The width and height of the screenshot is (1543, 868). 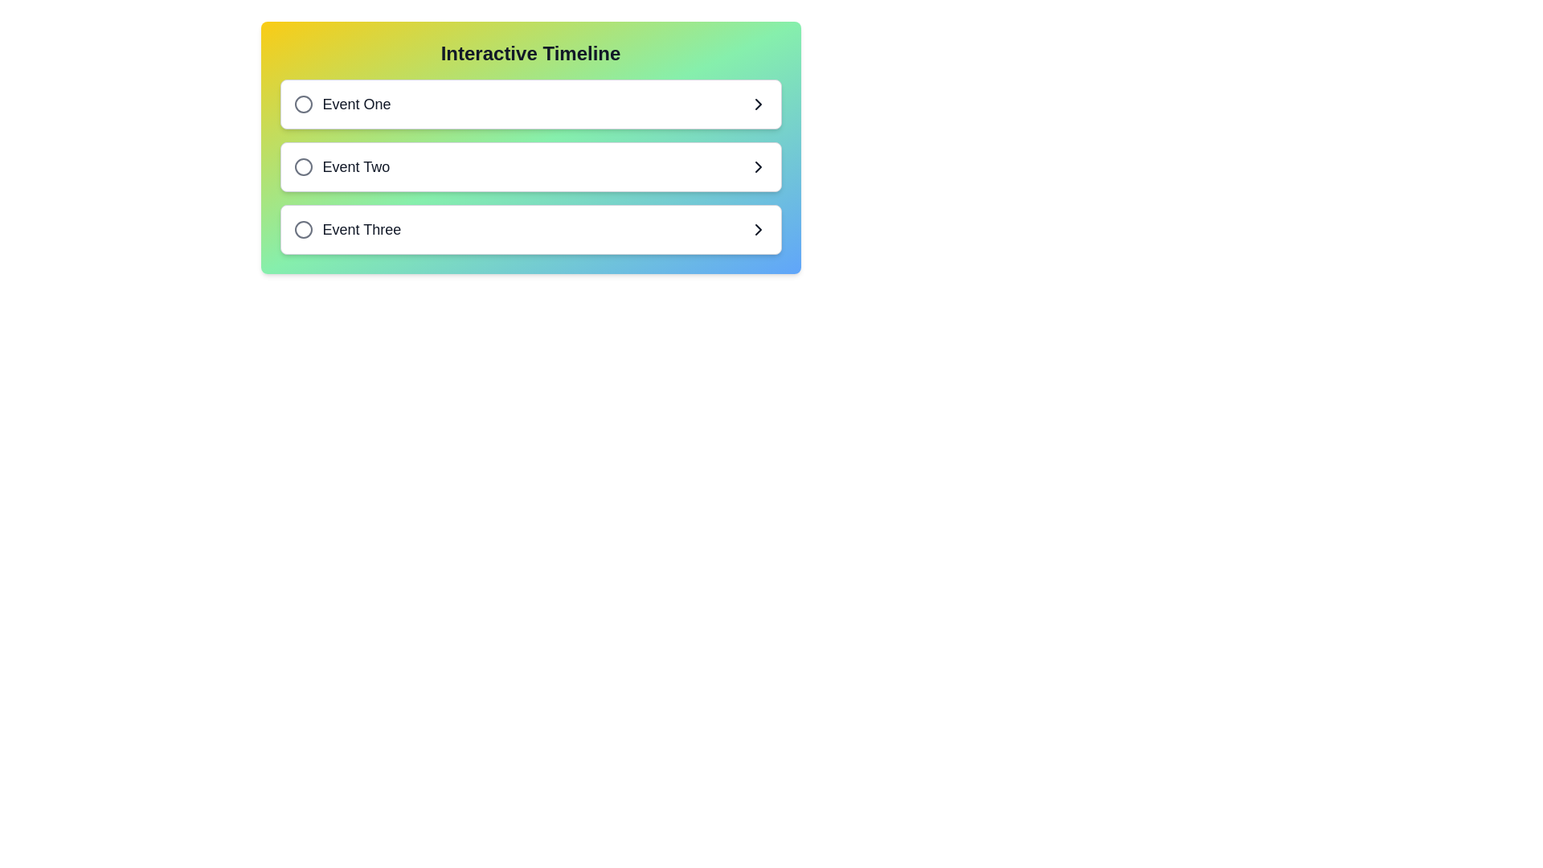 I want to click on on the 'Event Three' text label located in the third segment of the vertical list, so click(x=361, y=229).